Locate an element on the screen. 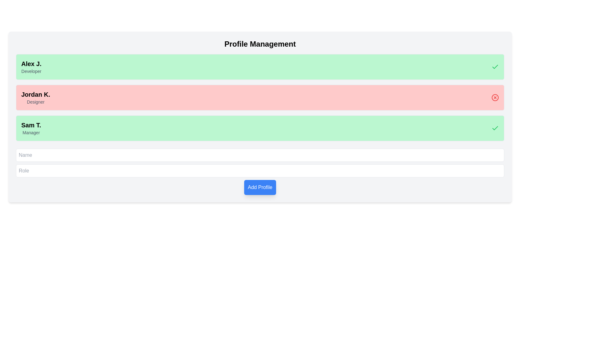  the static text element that displays 'Developer', which is styled in a small gray font and located below the bold text 'Alex J.' in the green-highlighted rectangular section is located at coordinates (31, 71).